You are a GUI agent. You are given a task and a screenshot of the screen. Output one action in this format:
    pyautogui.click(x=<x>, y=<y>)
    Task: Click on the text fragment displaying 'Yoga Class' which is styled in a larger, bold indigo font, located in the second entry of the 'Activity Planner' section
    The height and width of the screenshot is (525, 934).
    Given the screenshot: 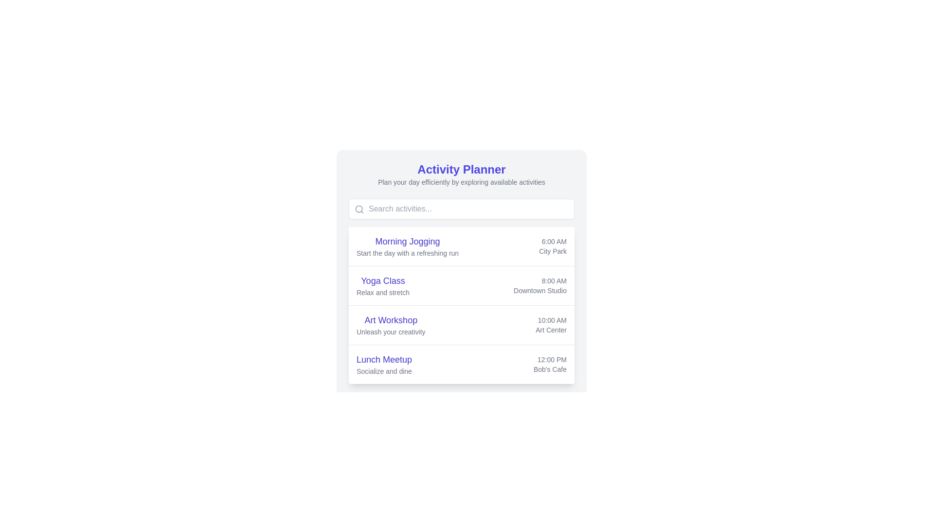 What is the action you would take?
    pyautogui.click(x=382, y=281)
    